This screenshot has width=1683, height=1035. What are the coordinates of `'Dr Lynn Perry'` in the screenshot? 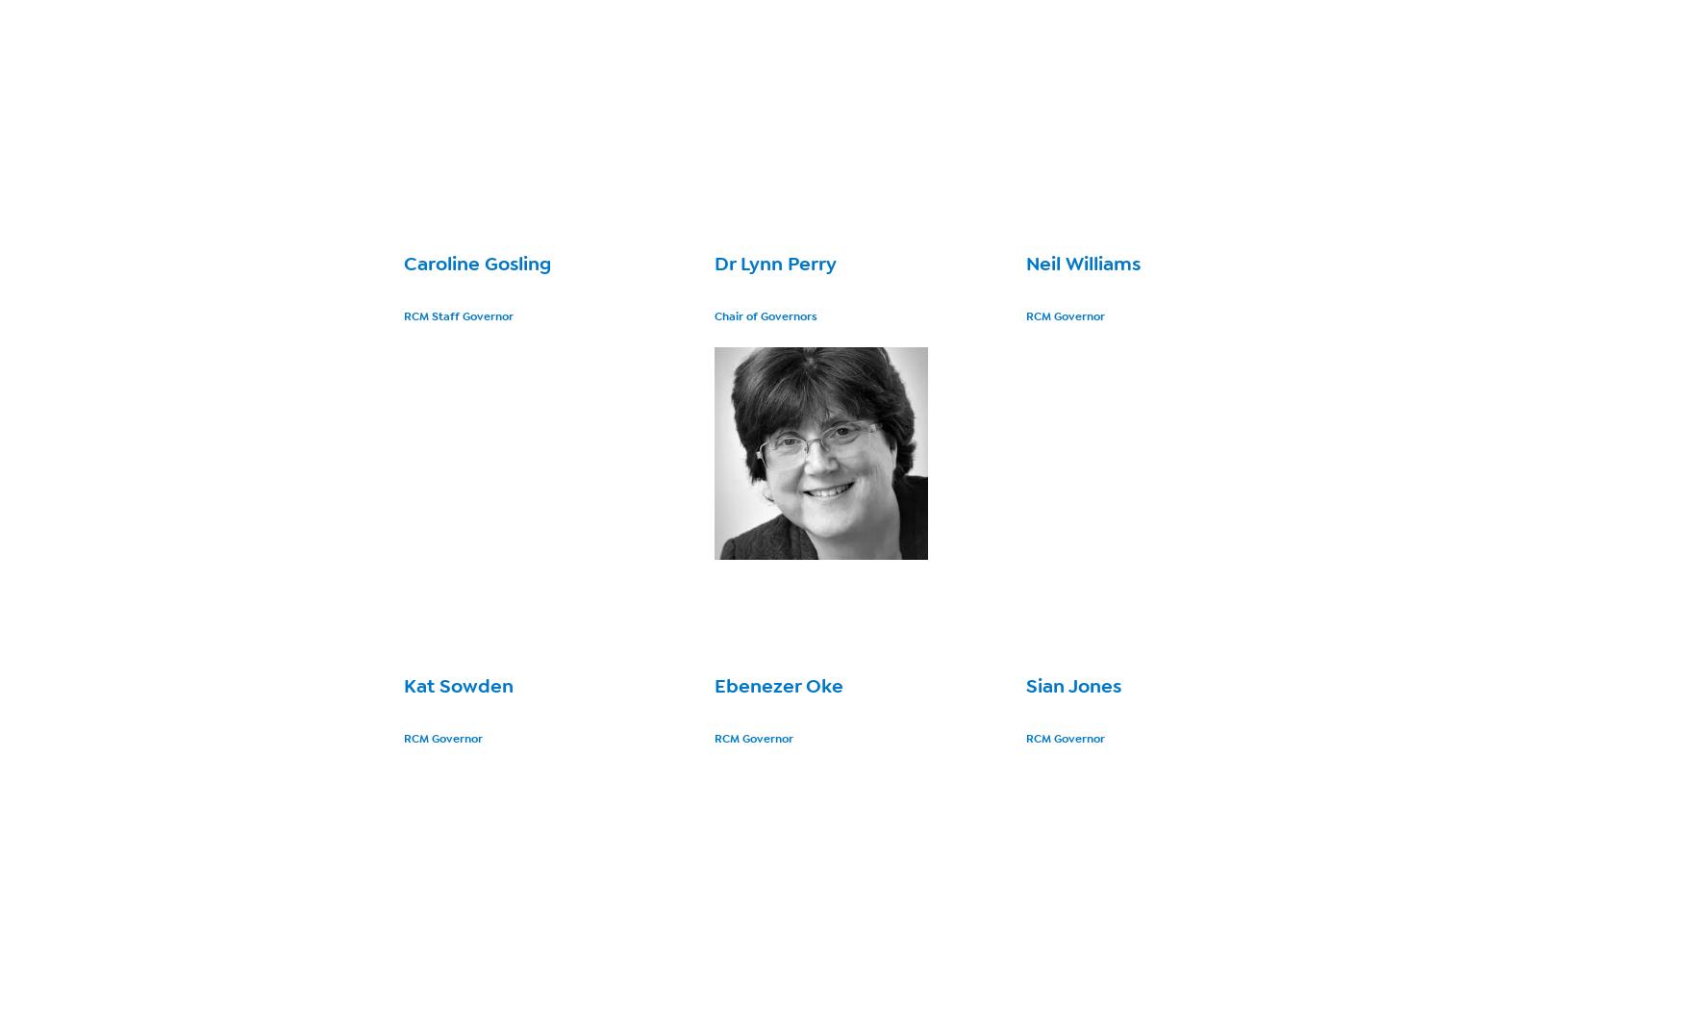 It's located at (774, 263).